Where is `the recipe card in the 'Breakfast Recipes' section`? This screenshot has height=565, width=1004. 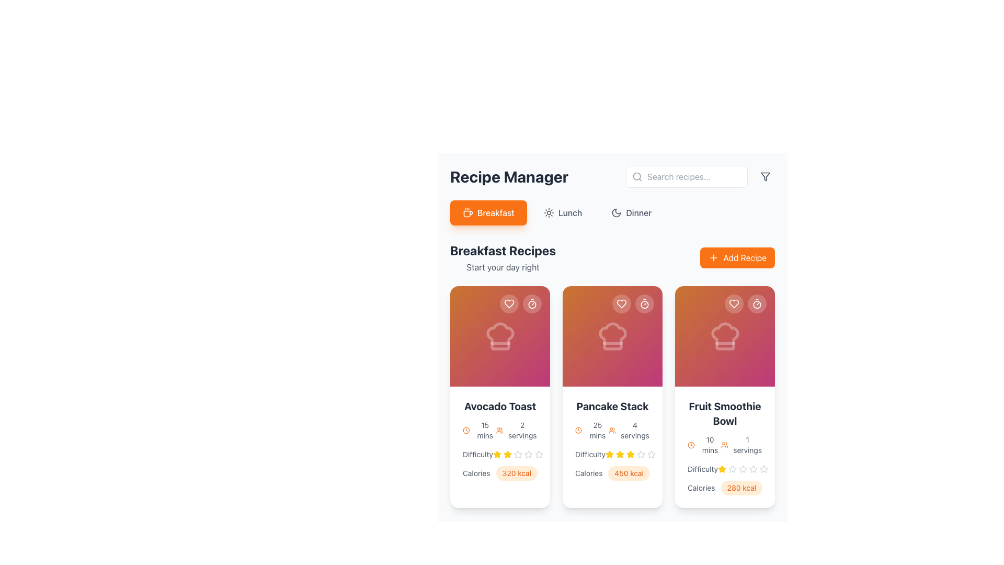 the recipe card in the 'Breakfast Recipes' section is located at coordinates (612, 397).